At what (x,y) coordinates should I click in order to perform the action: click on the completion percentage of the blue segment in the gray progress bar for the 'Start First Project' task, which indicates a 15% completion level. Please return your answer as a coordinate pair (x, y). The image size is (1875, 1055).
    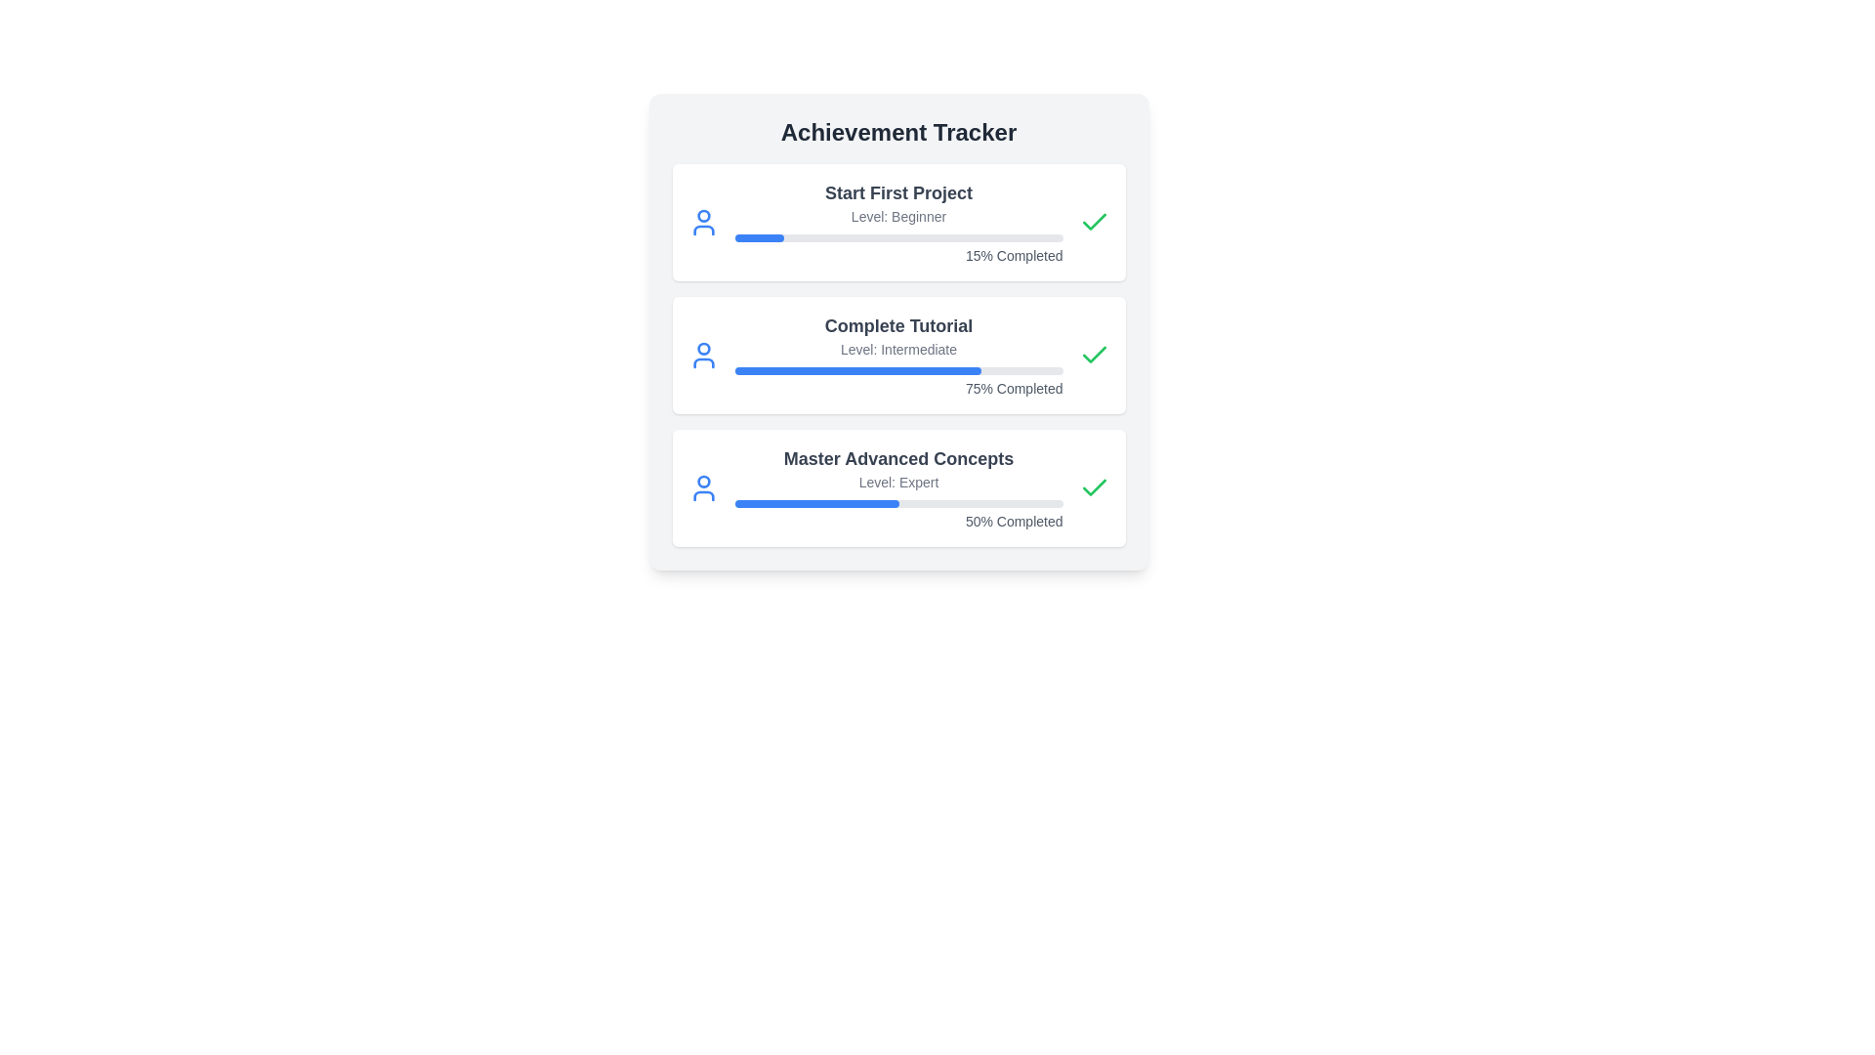
    Looking at the image, I should click on (758, 236).